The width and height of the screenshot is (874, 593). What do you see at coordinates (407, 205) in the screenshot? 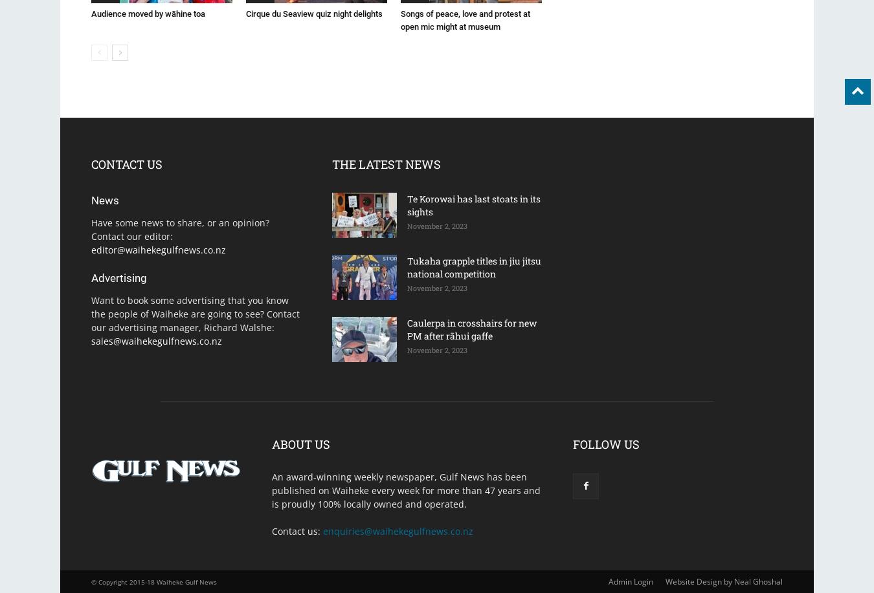
I see `'Te Korowai has last stoats in its sights'` at bounding box center [407, 205].